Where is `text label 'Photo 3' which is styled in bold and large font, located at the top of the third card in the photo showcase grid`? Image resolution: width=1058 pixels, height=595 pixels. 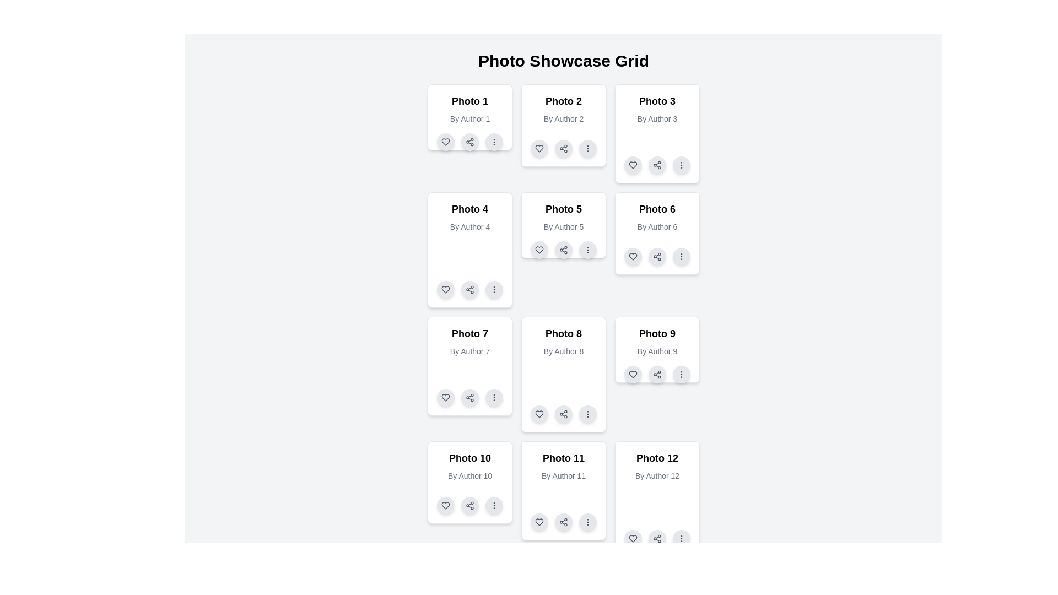
text label 'Photo 3' which is styled in bold and large font, located at the top of the third card in the photo showcase grid is located at coordinates (657, 101).